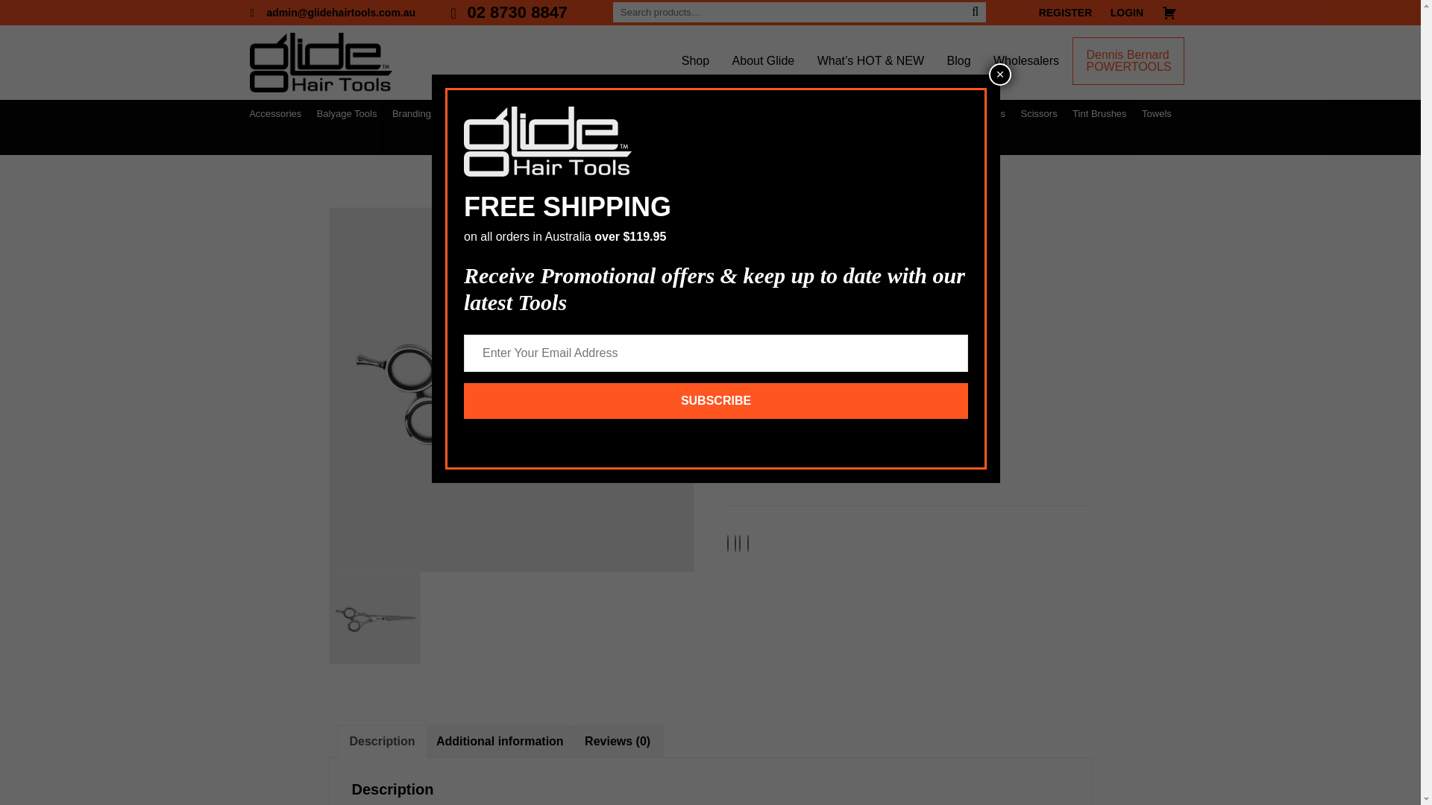 Image resolution: width=1432 pixels, height=805 pixels. I want to click on 'Accessories', so click(275, 113).